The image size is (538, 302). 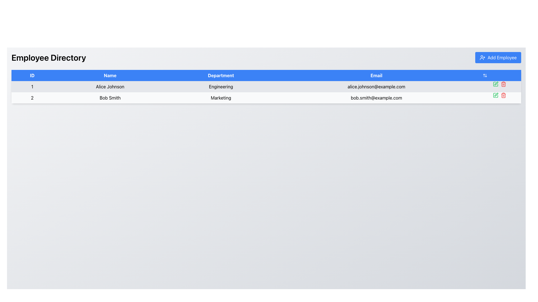 What do you see at coordinates (48, 57) in the screenshot?
I see `text label displaying 'Employee Directory', which is a large, bold black font header positioned at the top-left area of the page` at bounding box center [48, 57].